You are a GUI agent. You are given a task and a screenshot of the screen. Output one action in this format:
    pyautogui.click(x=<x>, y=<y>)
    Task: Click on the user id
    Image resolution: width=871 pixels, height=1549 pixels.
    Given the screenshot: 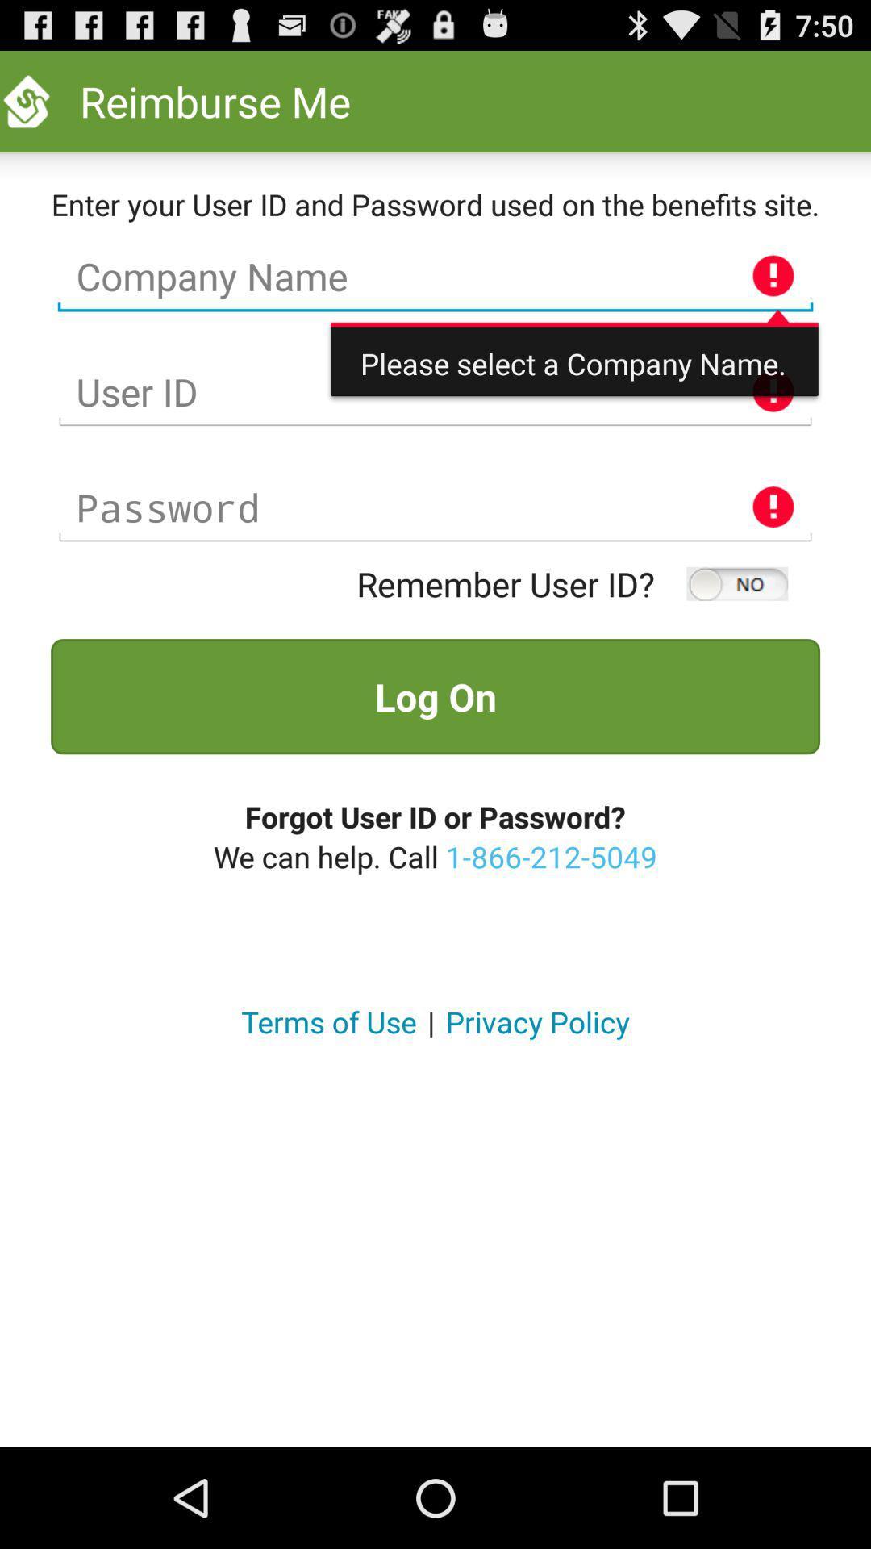 What is the action you would take?
    pyautogui.click(x=435, y=392)
    